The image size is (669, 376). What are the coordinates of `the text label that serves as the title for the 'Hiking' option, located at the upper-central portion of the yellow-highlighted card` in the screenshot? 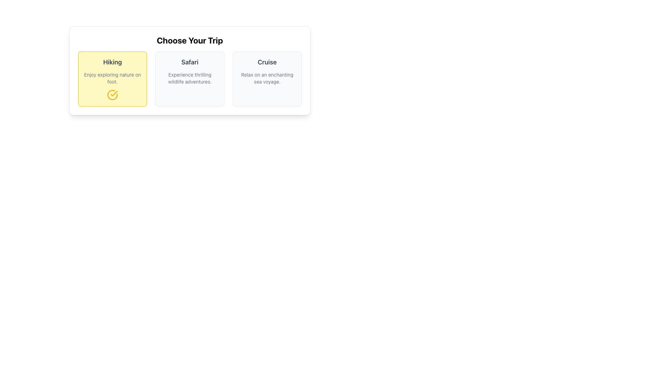 It's located at (112, 62).